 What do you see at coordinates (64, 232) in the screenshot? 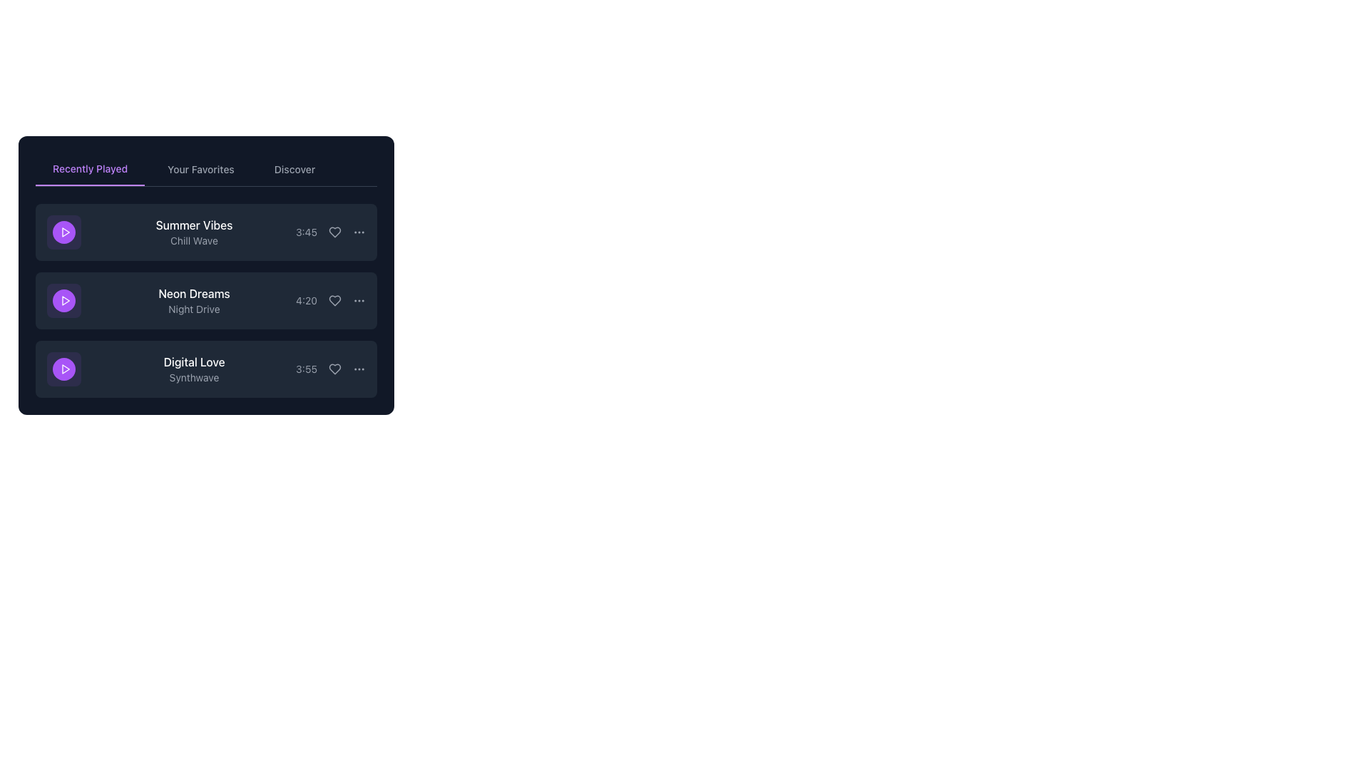
I see `the small triangular play icon, which is styled in white and located within a purple circular button to the left of the 'Summer Vibes' song entry in the 'Recently Played' section, to play the song` at bounding box center [64, 232].